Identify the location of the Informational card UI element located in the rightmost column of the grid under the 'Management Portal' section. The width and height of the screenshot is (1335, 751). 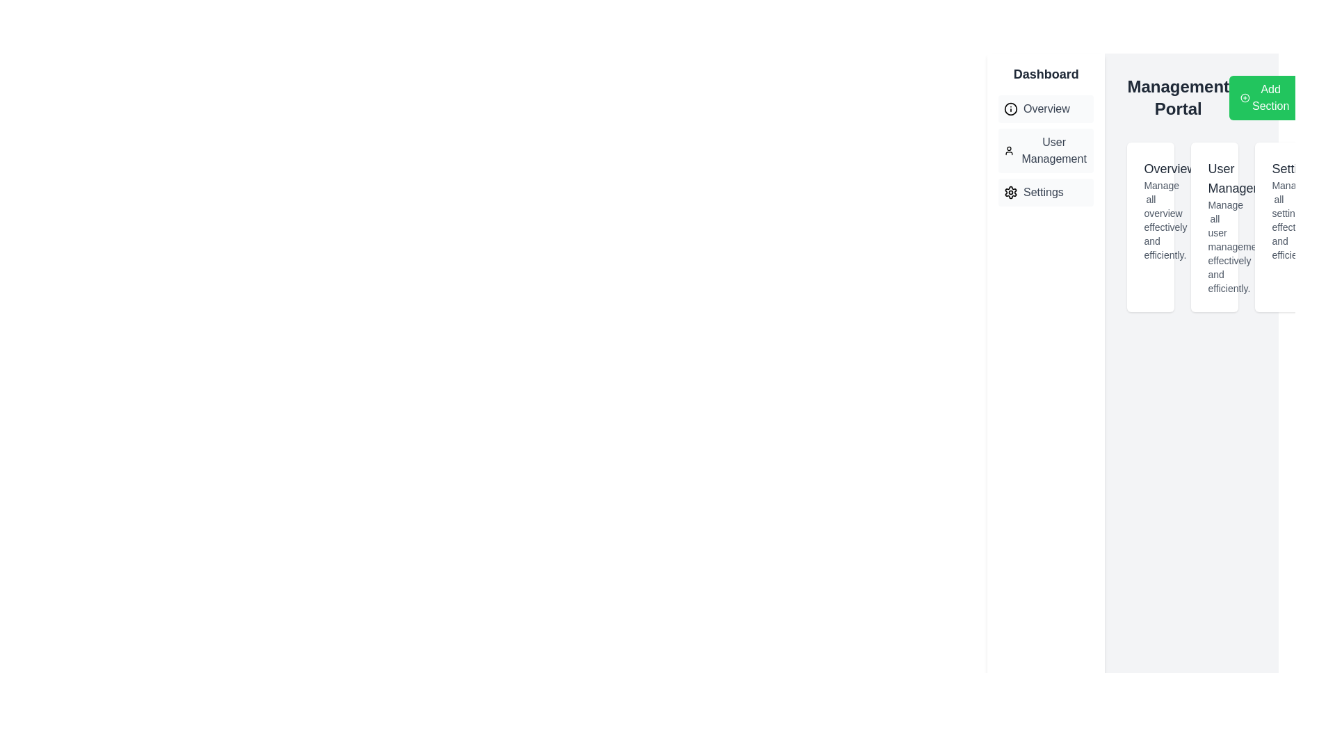
(1279, 227).